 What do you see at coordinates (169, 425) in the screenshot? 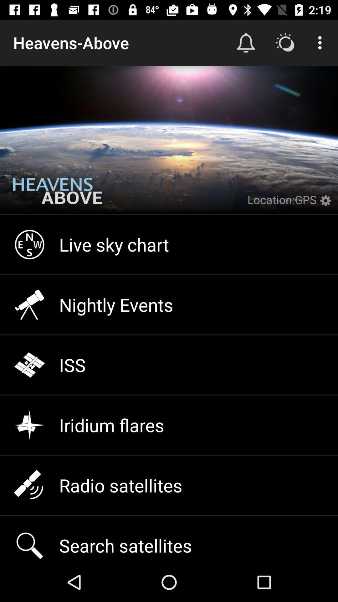
I see `the icon below the iss` at bounding box center [169, 425].